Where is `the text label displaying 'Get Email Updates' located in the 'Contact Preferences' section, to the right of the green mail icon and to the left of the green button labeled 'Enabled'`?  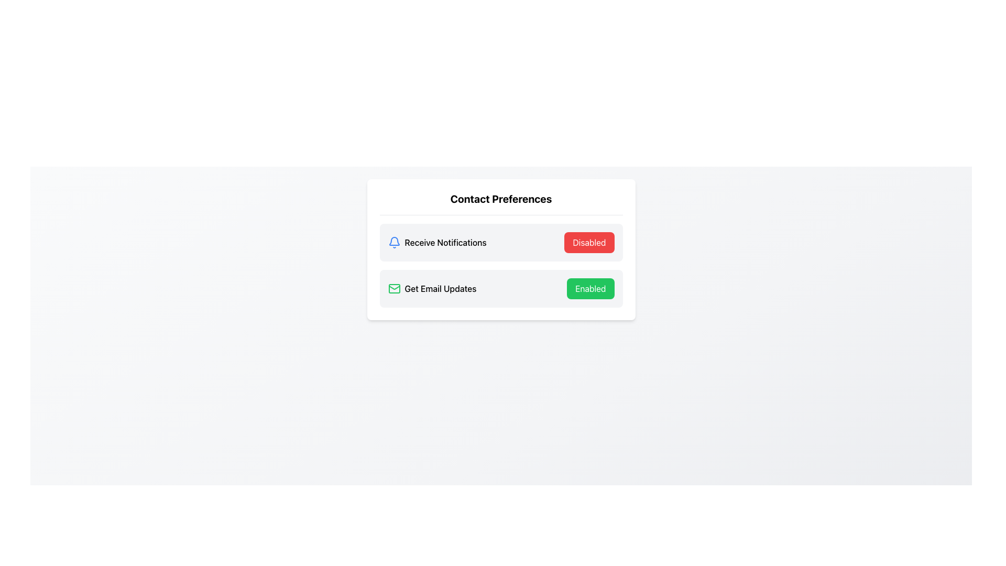 the text label displaying 'Get Email Updates' located in the 'Contact Preferences' section, to the right of the green mail icon and to the left of the green button labeled 'Enabled' is located at coordinates (440, 289).